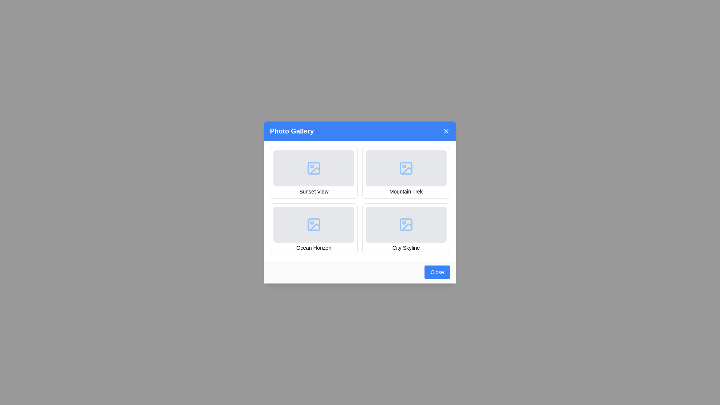 Image resolution: width=720 pixels, height=405 pixels. I want to click on the blue photograph icon with a mountain-like line and circular mark located in the card labeled 'Sunset View', so click(313, 168).